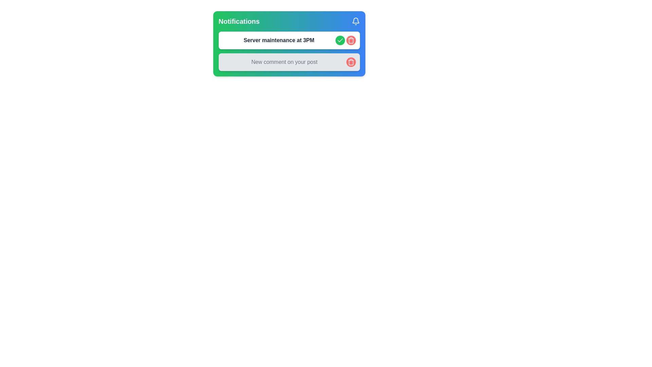  I want to click on the button that marks notifications as 'read' or 'acknowledged', located to the right of the notification entry titled 'Server maintenance at 3PM' in the top notification card, so click(340, 40).